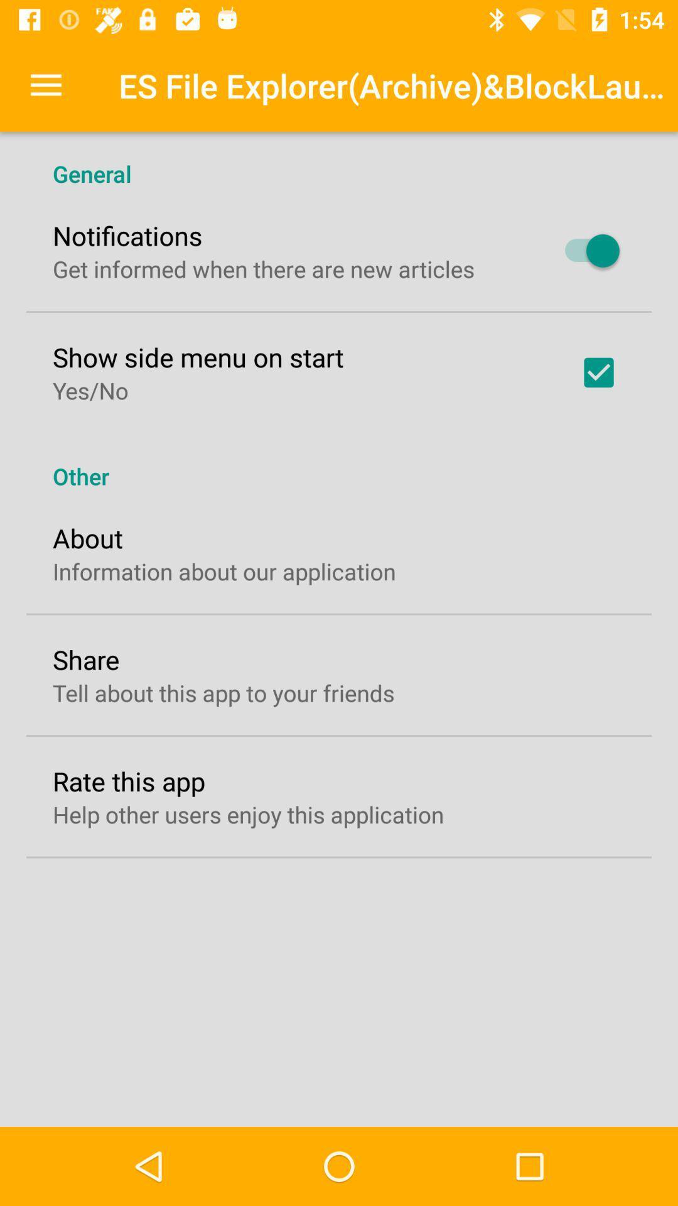  What do you see at coordinates (198, 356) in the screenshot?
I see `show side menu icon` at bounding box center [198, 356].